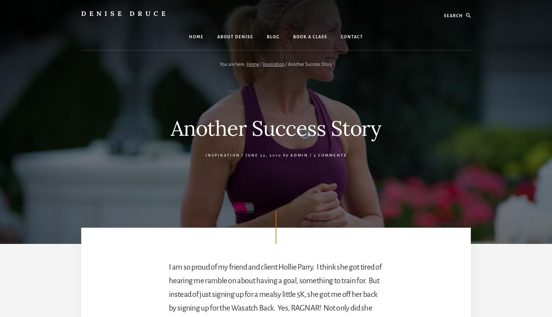 The image size is (552, 317). Describe the element at coordinates (81, 13) in the screenshot. I see `'Denise Druce'` at that location.